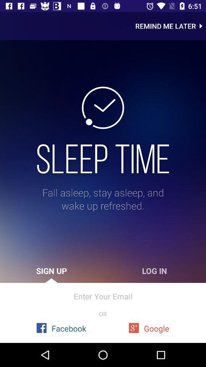 This screenshot has height=367, width=206. Describe the element at coordinates (154, 271) in the screenshot. I see `log in icon` at that location.